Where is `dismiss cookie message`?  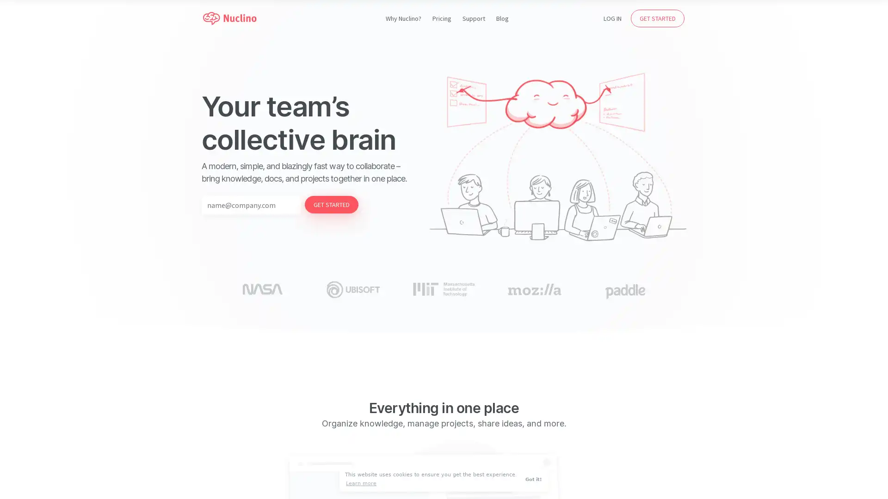
dismiss cookie message is located at coordinates (535, 479).